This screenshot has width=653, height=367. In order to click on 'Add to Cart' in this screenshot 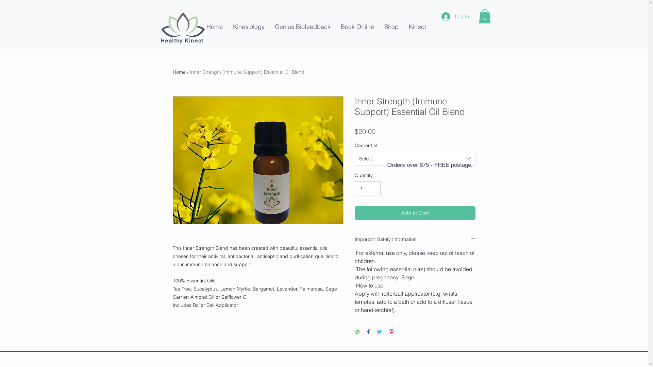, I will do `click(414, 213)`.